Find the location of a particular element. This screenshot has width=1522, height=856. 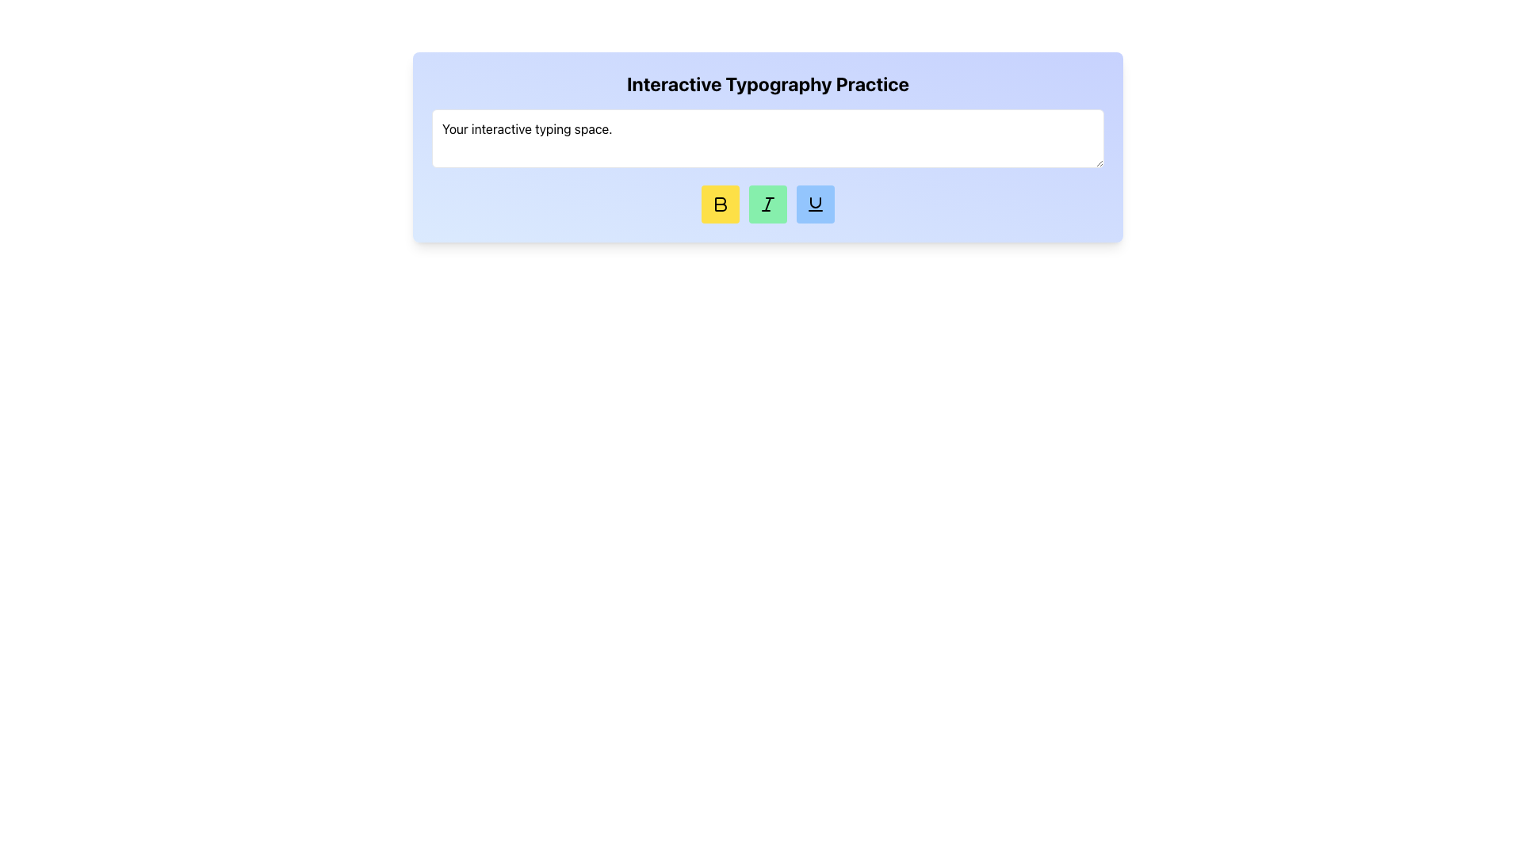

the third button from the left in a set of three adjacent buttons representing typographical functions in a text editing tool, specifically the one for underlining text is located at coordinates (815, 201).